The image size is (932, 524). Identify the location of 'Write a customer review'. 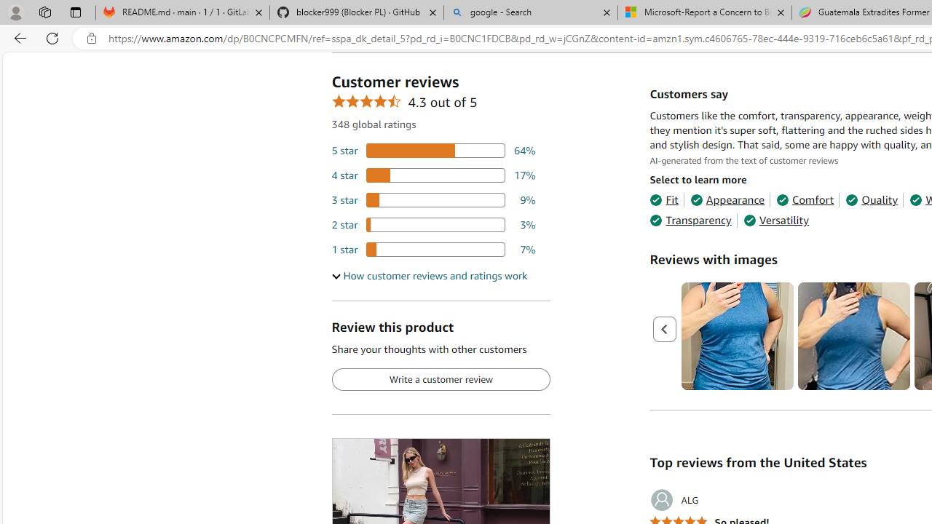
(440, 379).